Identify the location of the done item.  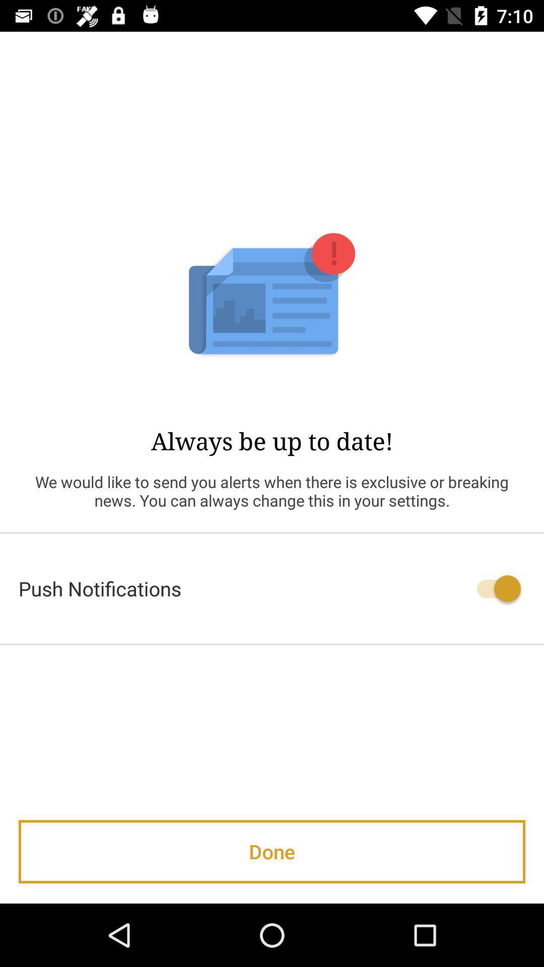
(272, 851).